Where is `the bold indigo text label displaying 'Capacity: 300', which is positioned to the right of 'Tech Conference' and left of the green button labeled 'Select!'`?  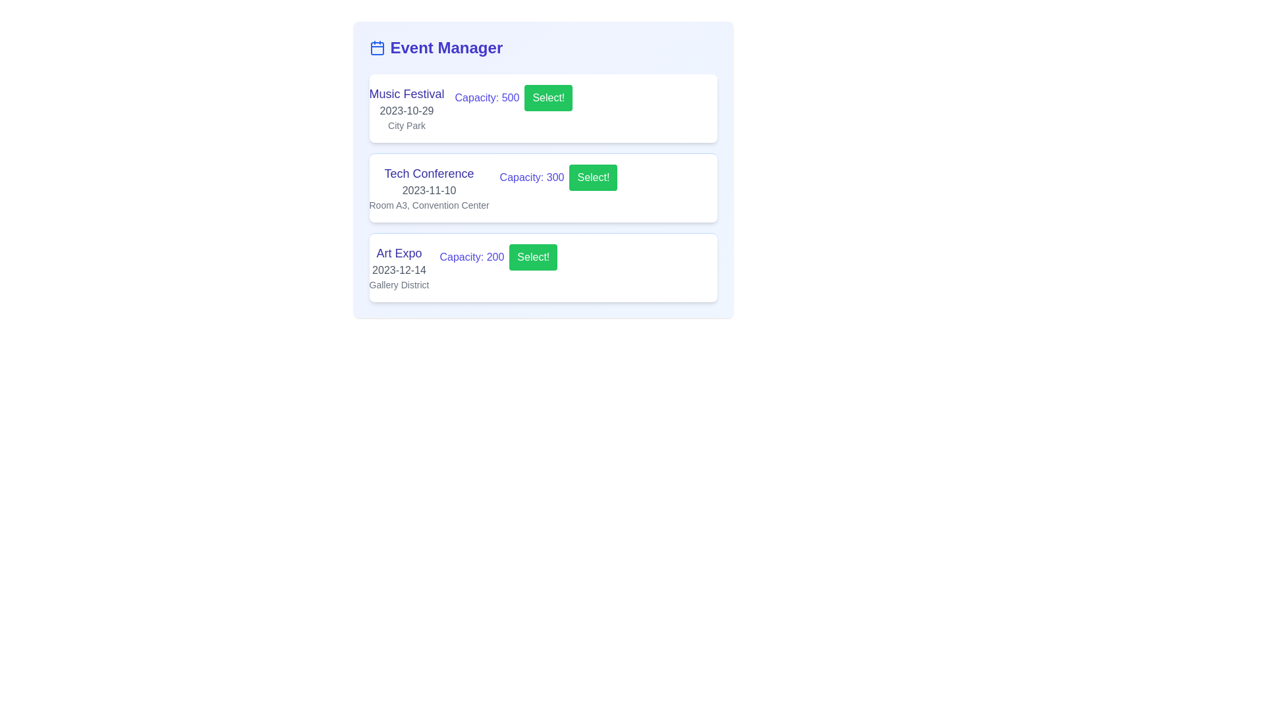 the bold indigo text label displaying 'Capacity: 300', which is positioned to the right of 'Tech Conference' and left of the green button labeled 'Select!' is located at coordinates (532, 178).